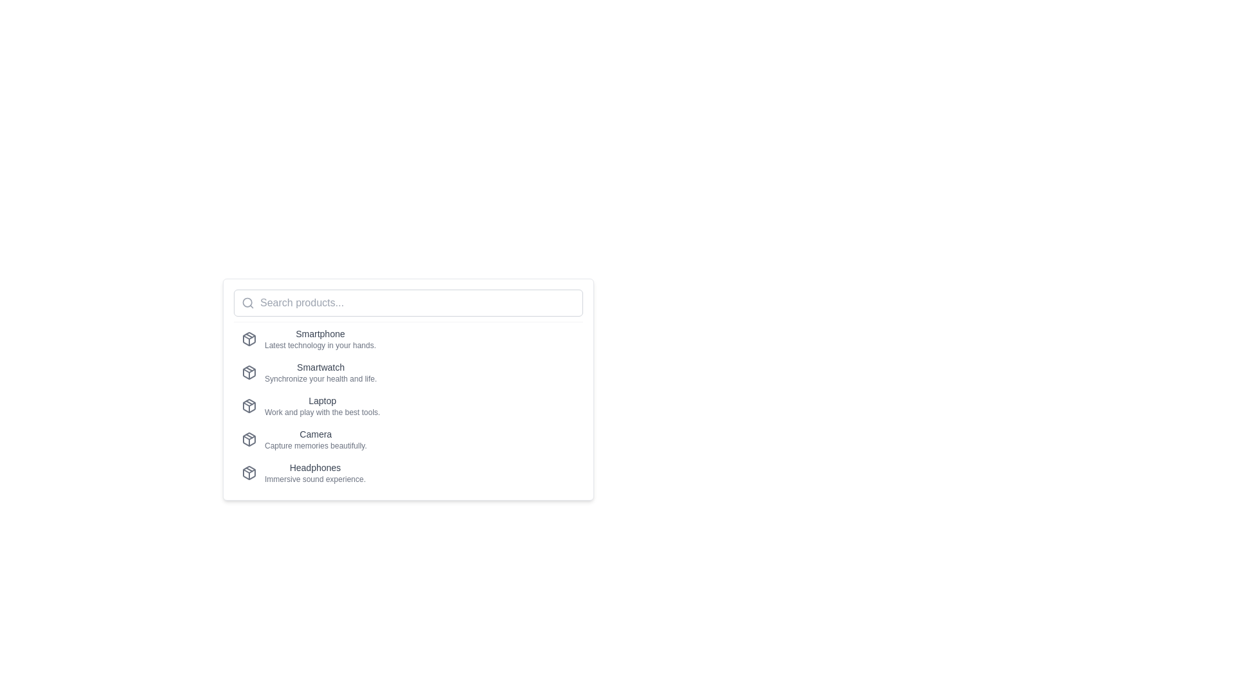  What do you see at coordinates (249, 406) in the screenshot?
I see `the small square-shaped package icon with a gray outline, located next to the text 'Laptop' in the vertically-stacked list layout` at bounding box center [249, 406].